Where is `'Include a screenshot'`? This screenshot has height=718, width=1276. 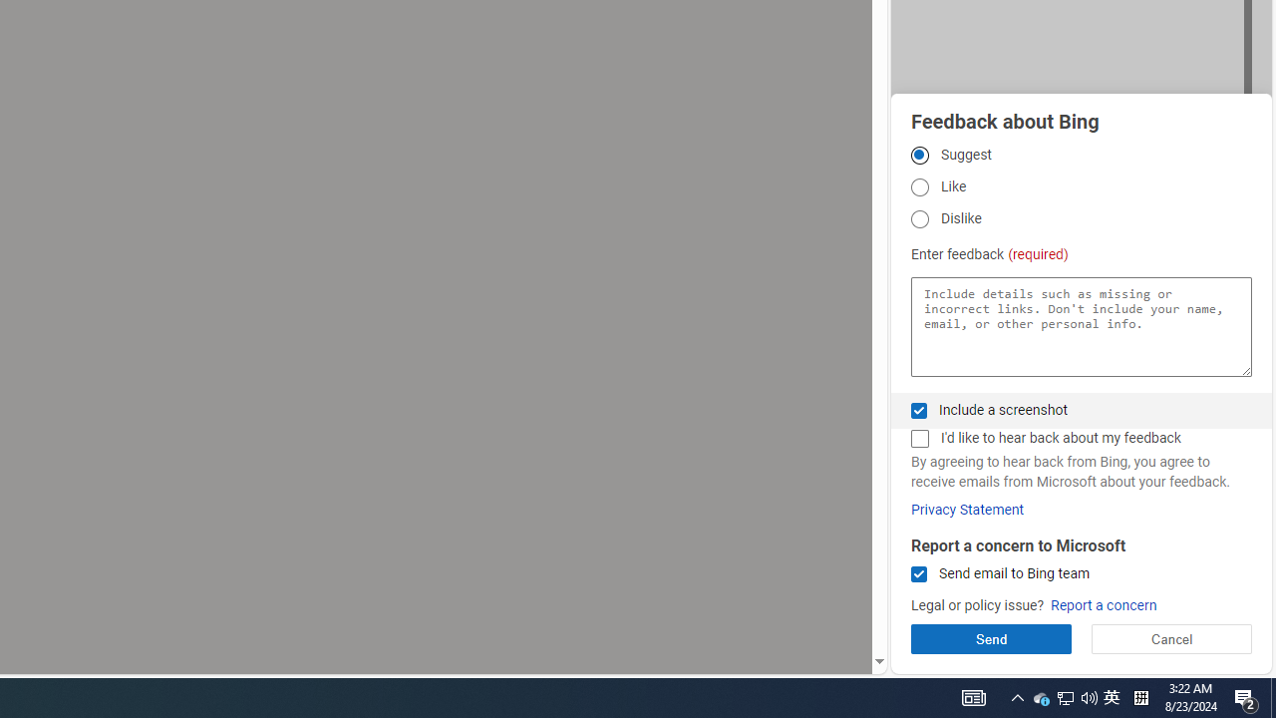
'Include a screenshot' is located at coordinates (918, 409).